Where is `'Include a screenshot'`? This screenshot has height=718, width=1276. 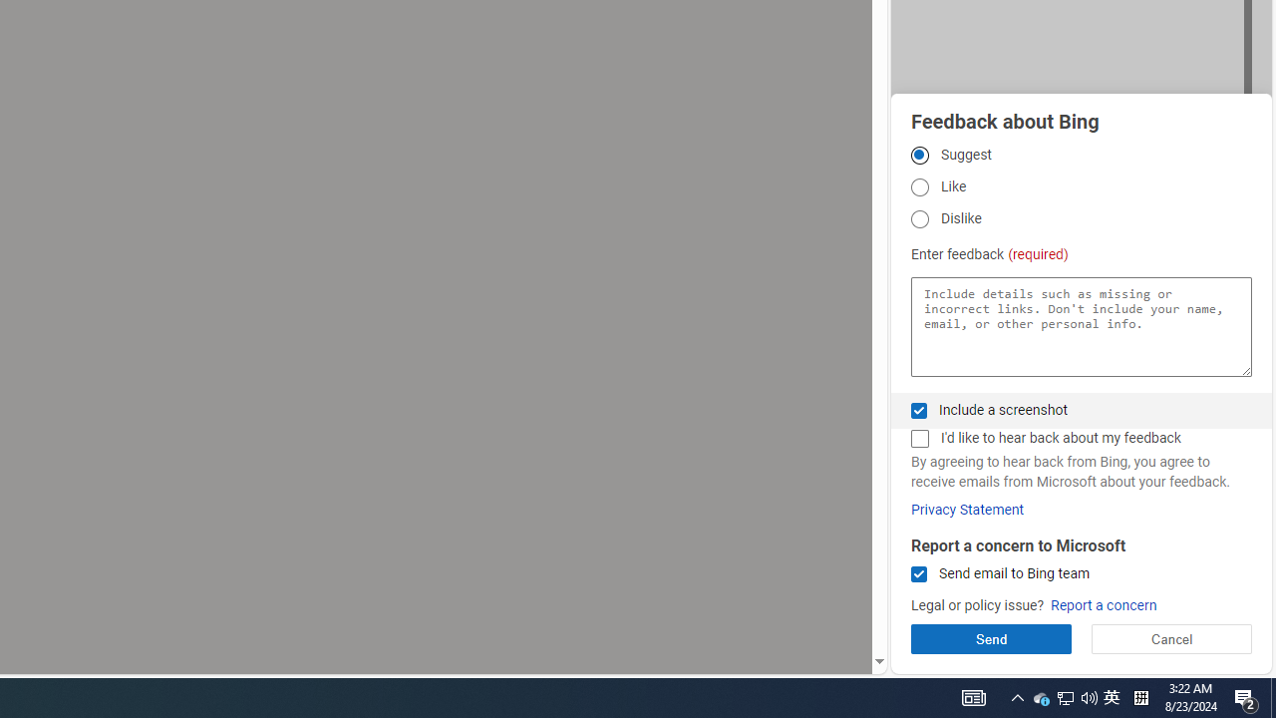
'Include a screenshot' is located at coordinates (918, 409).